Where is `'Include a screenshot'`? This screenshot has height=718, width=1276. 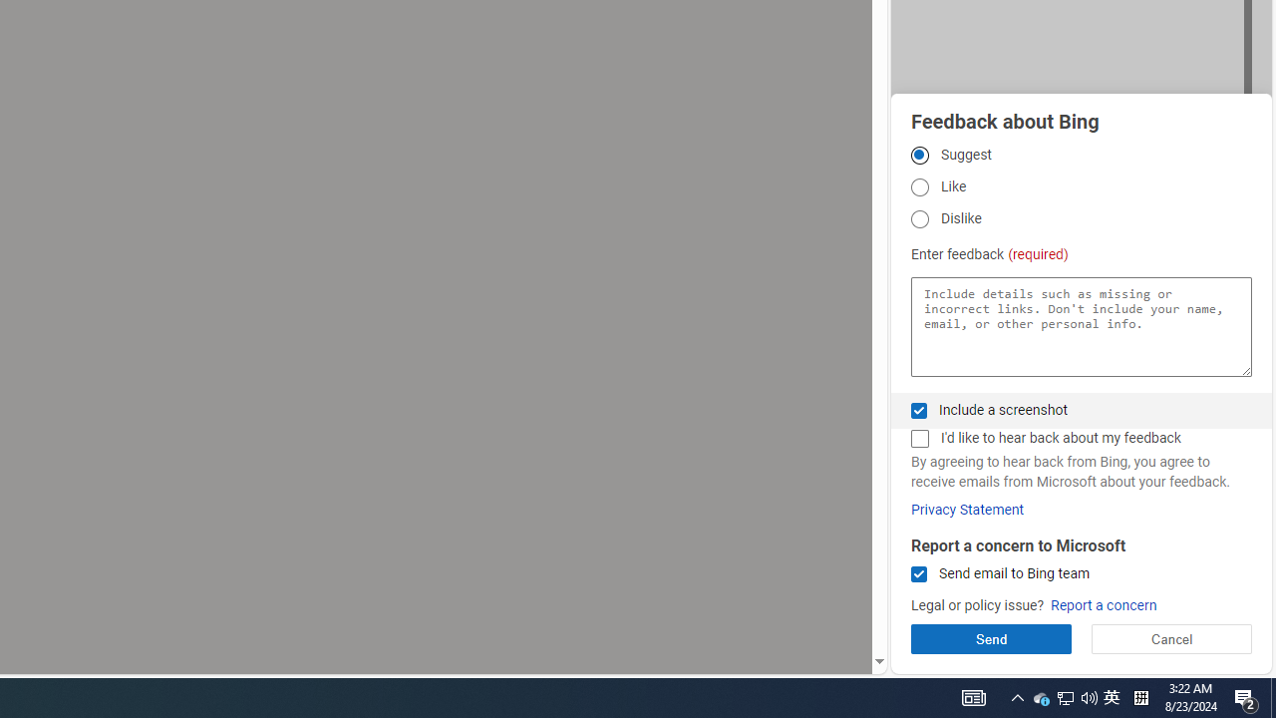
'Include a screenshot' is located at coordinates (918, 409).